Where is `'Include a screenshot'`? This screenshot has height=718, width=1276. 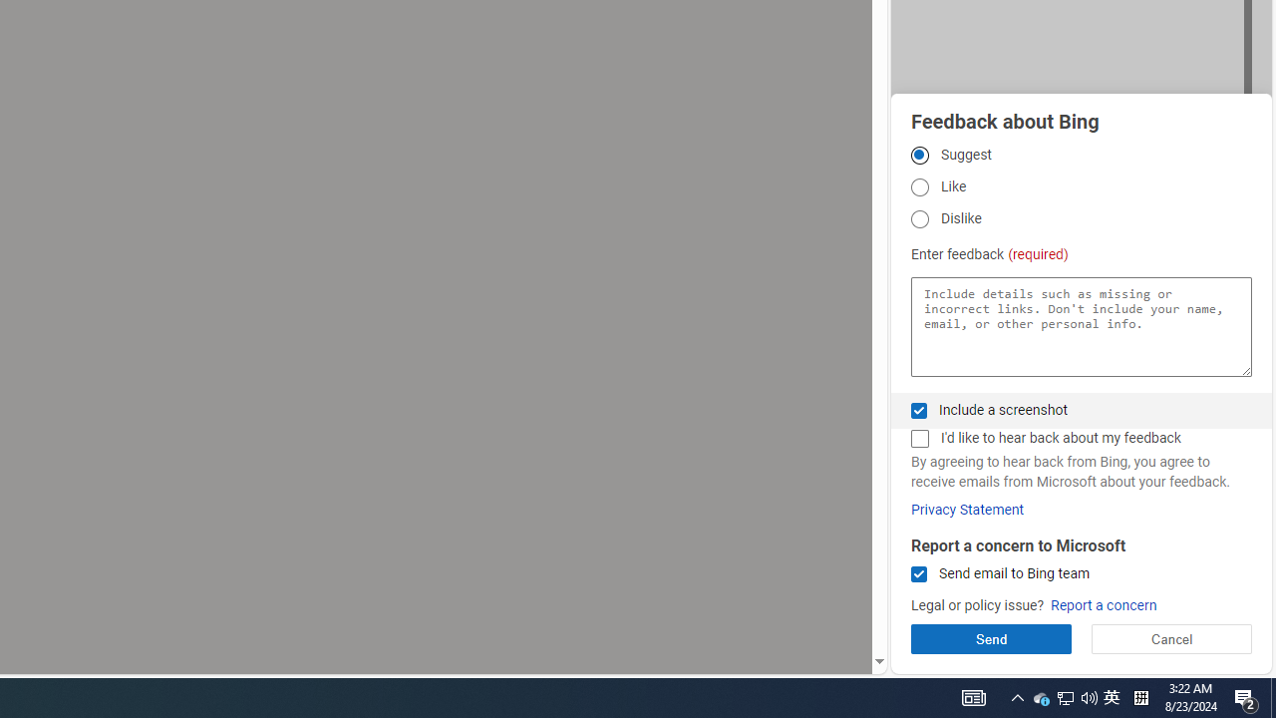
'Include a screenshot' is located at coordinates (918, 409).